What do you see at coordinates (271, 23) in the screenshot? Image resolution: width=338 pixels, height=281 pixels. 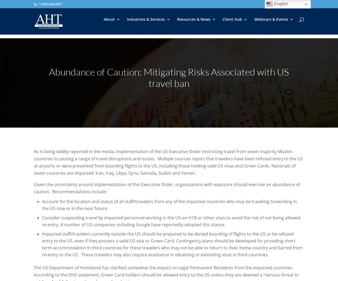 I see `'Webinars & Events'` at bounding box center [271, 23].